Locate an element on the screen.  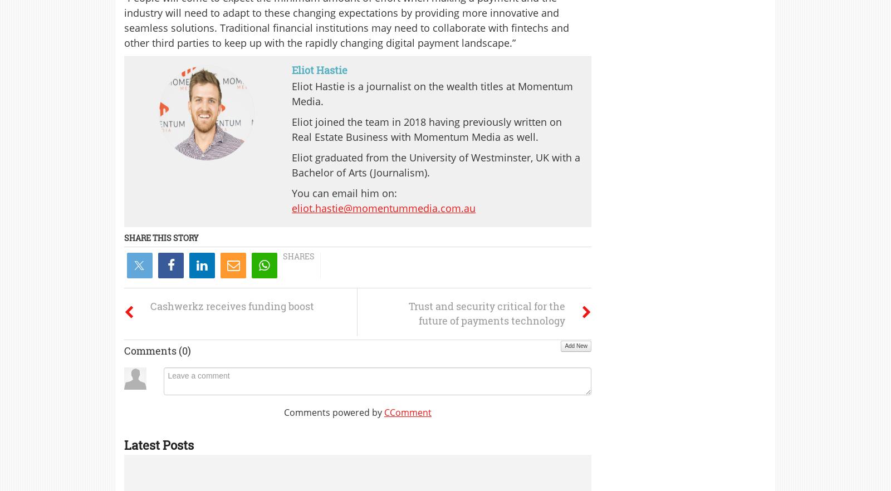
'CComment' is located at coordinates (407, 411).